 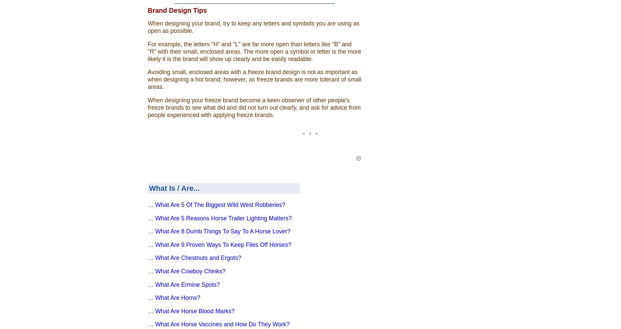 I want to click on 'What Is / Are...', so click(x=174, y=188).